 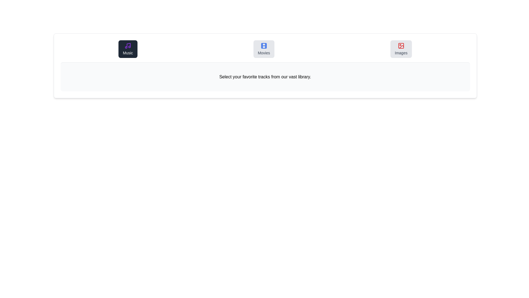 What do you see at coordinates (128, 49) in the screenshot?
I see `the icon and label of the tab Music` at bounding box center [128, 49].